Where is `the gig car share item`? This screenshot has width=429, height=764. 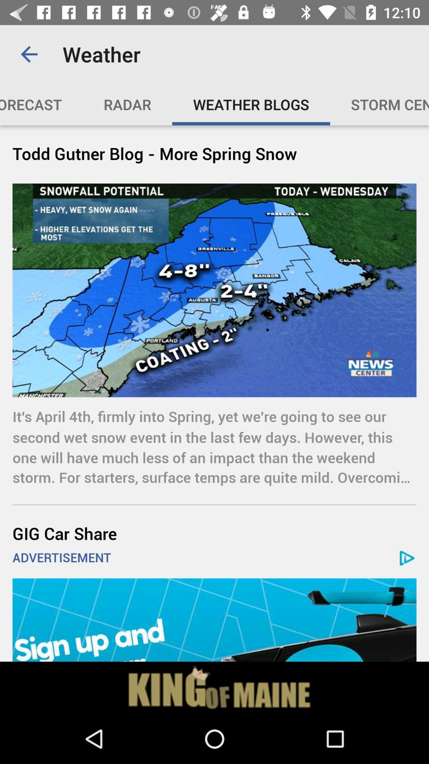
the gig car share item is located at coordinates (214, 533).